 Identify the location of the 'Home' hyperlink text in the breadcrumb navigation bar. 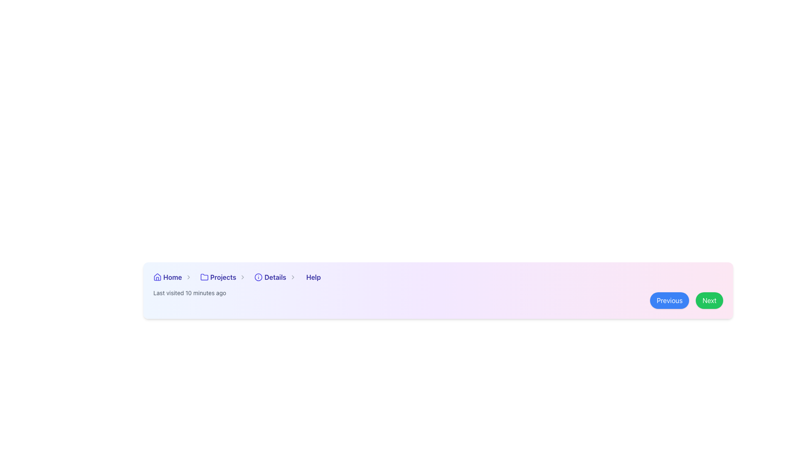
(172, 277).